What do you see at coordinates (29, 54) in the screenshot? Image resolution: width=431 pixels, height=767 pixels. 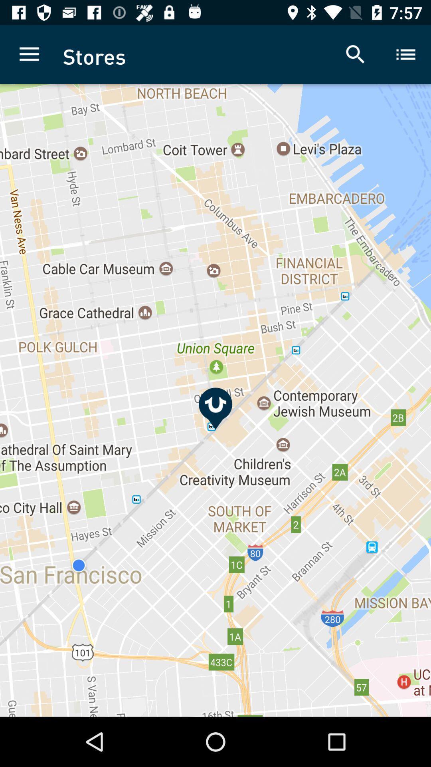 I see `app to the left of stores app` at bounding box center [29, 54].